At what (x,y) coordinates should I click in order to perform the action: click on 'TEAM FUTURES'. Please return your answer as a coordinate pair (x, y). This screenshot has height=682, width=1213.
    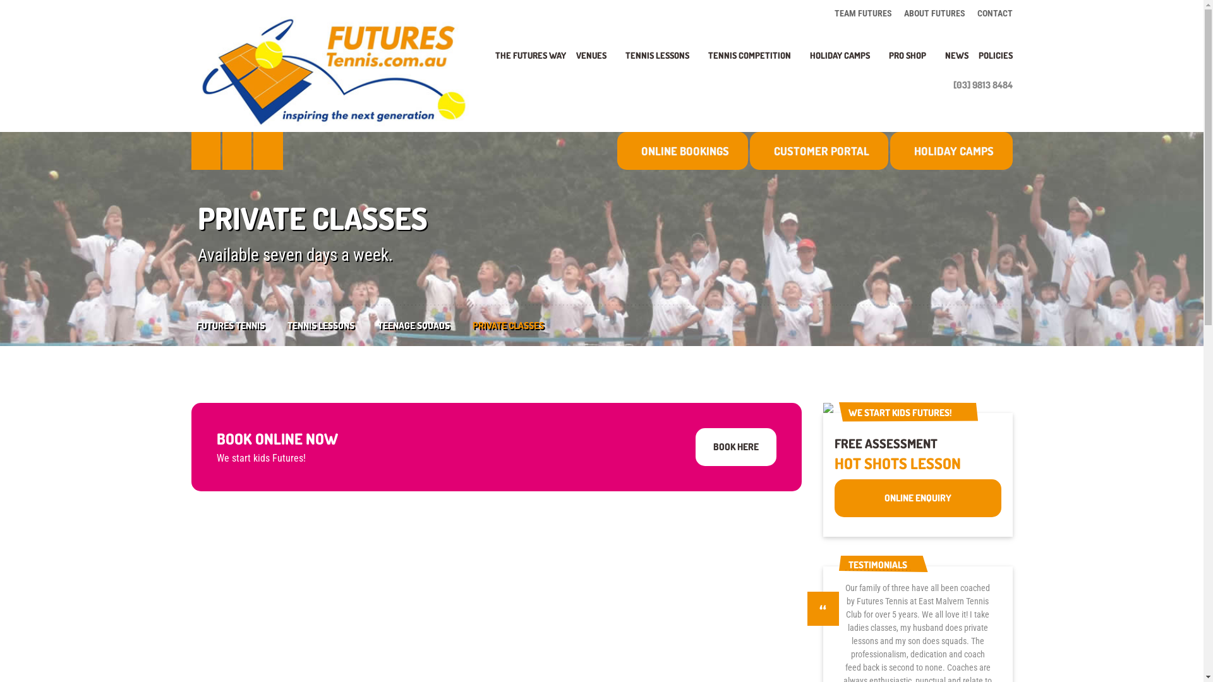
    Looking at the image, I should click on (865, 12).